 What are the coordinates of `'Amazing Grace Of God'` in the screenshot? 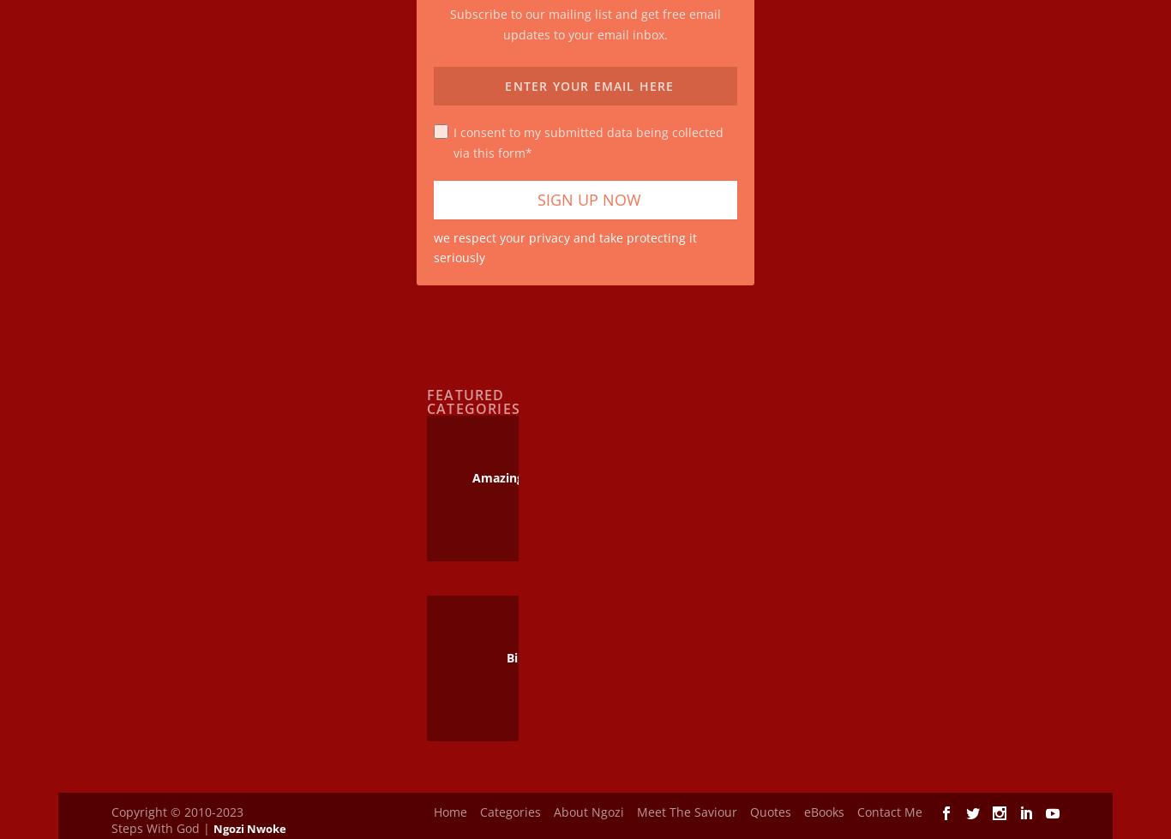 It's located at (537, 465).